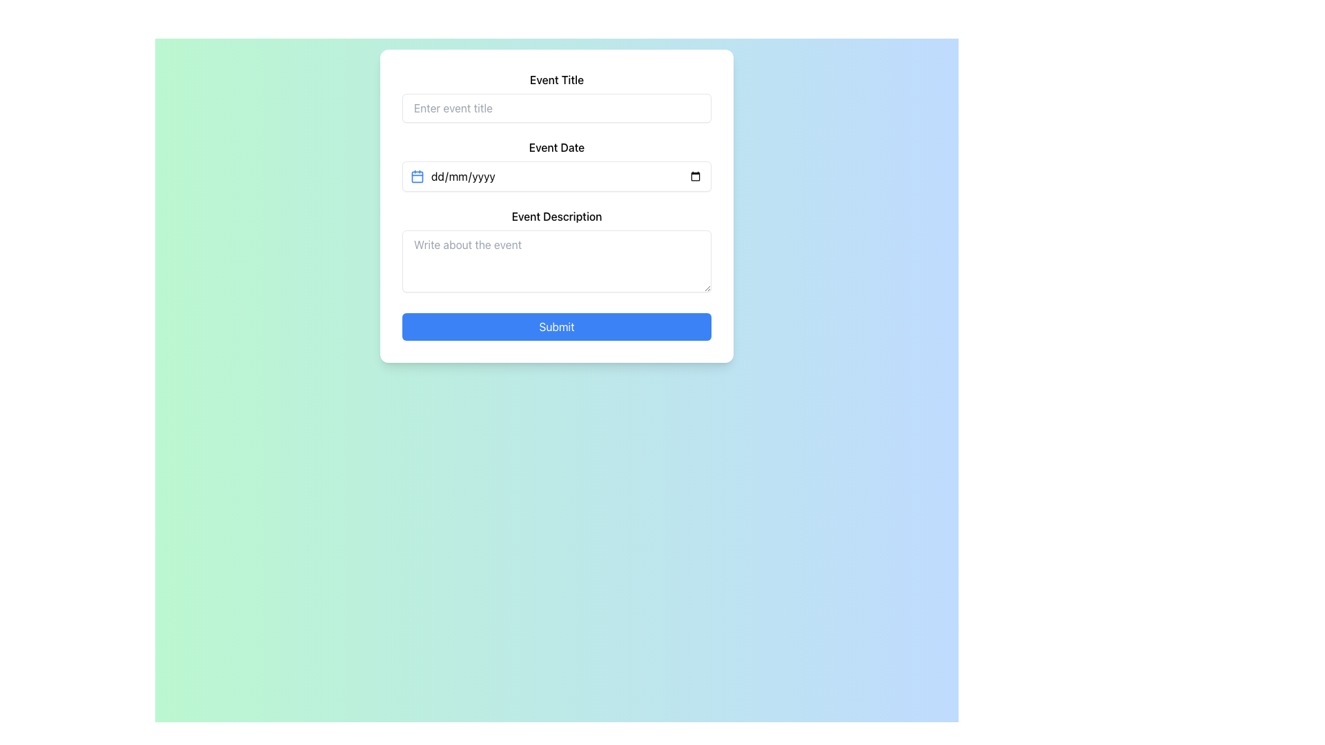  I want to click on text from the label that displays 'Event Description', which is located below the 'Event Date' field and above the multi-line text input field labeled 'Write about the event', so click(556, 216).